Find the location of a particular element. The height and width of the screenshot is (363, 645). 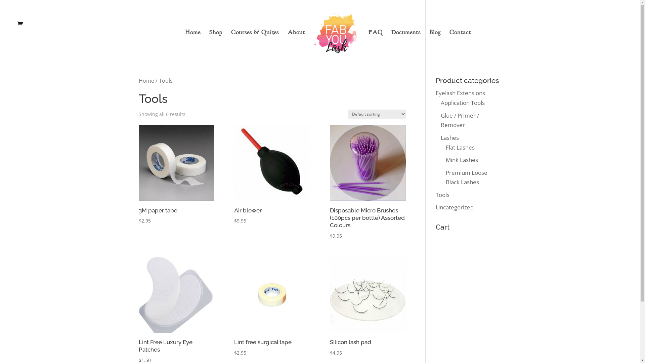

'Documents' is located at coordinates (405, 43).